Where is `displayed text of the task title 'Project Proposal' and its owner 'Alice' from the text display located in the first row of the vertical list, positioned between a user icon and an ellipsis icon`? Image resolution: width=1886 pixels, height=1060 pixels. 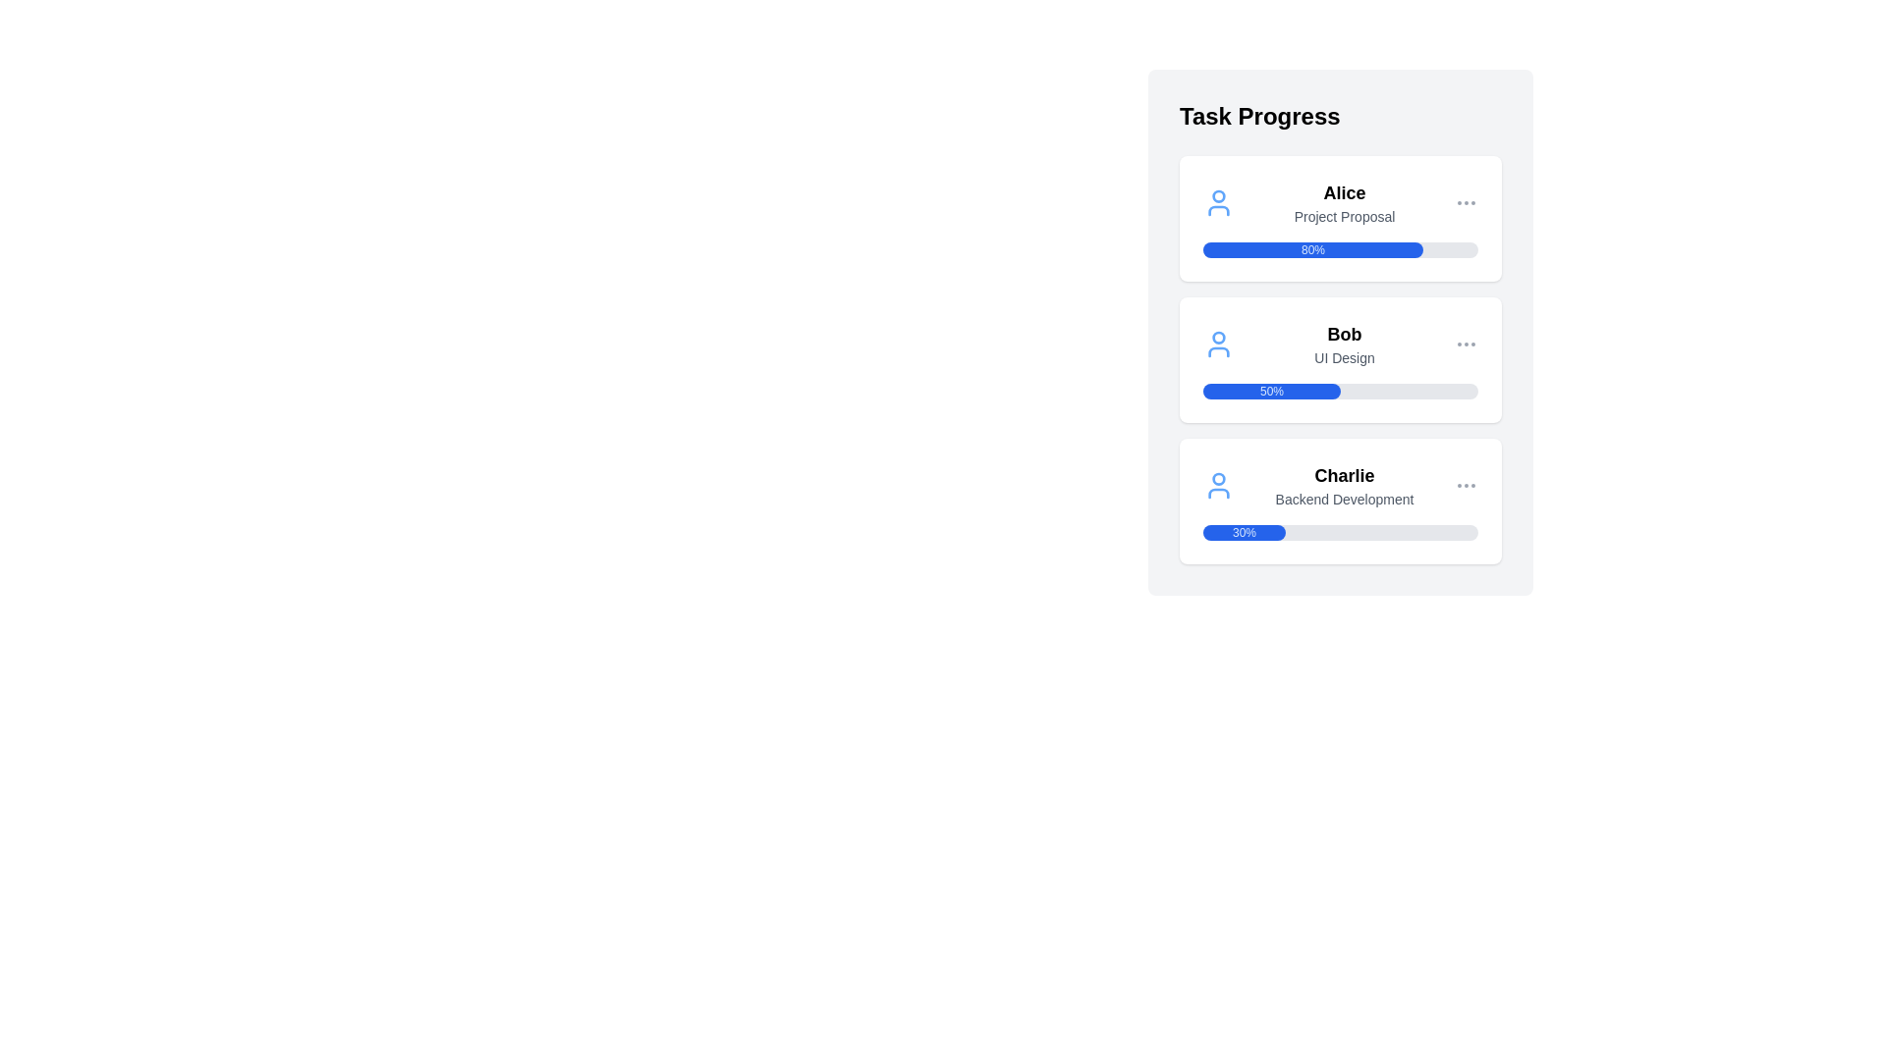
displayed text of the task title 'Project Proposal' and its owner 'Alice' from the text display located in the first row of the vertical list, positioned between a user icon and an ellipsis icon is located at coordinates (1343, 203).